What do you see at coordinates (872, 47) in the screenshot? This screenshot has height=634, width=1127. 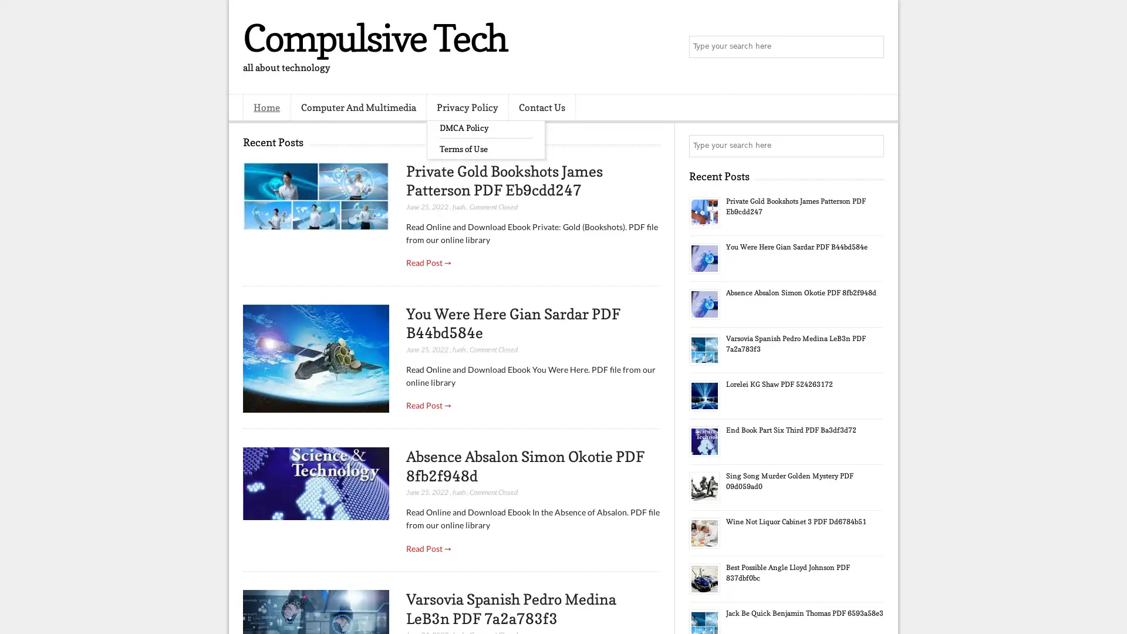 I see `Search` at bounding box center [872, 47].